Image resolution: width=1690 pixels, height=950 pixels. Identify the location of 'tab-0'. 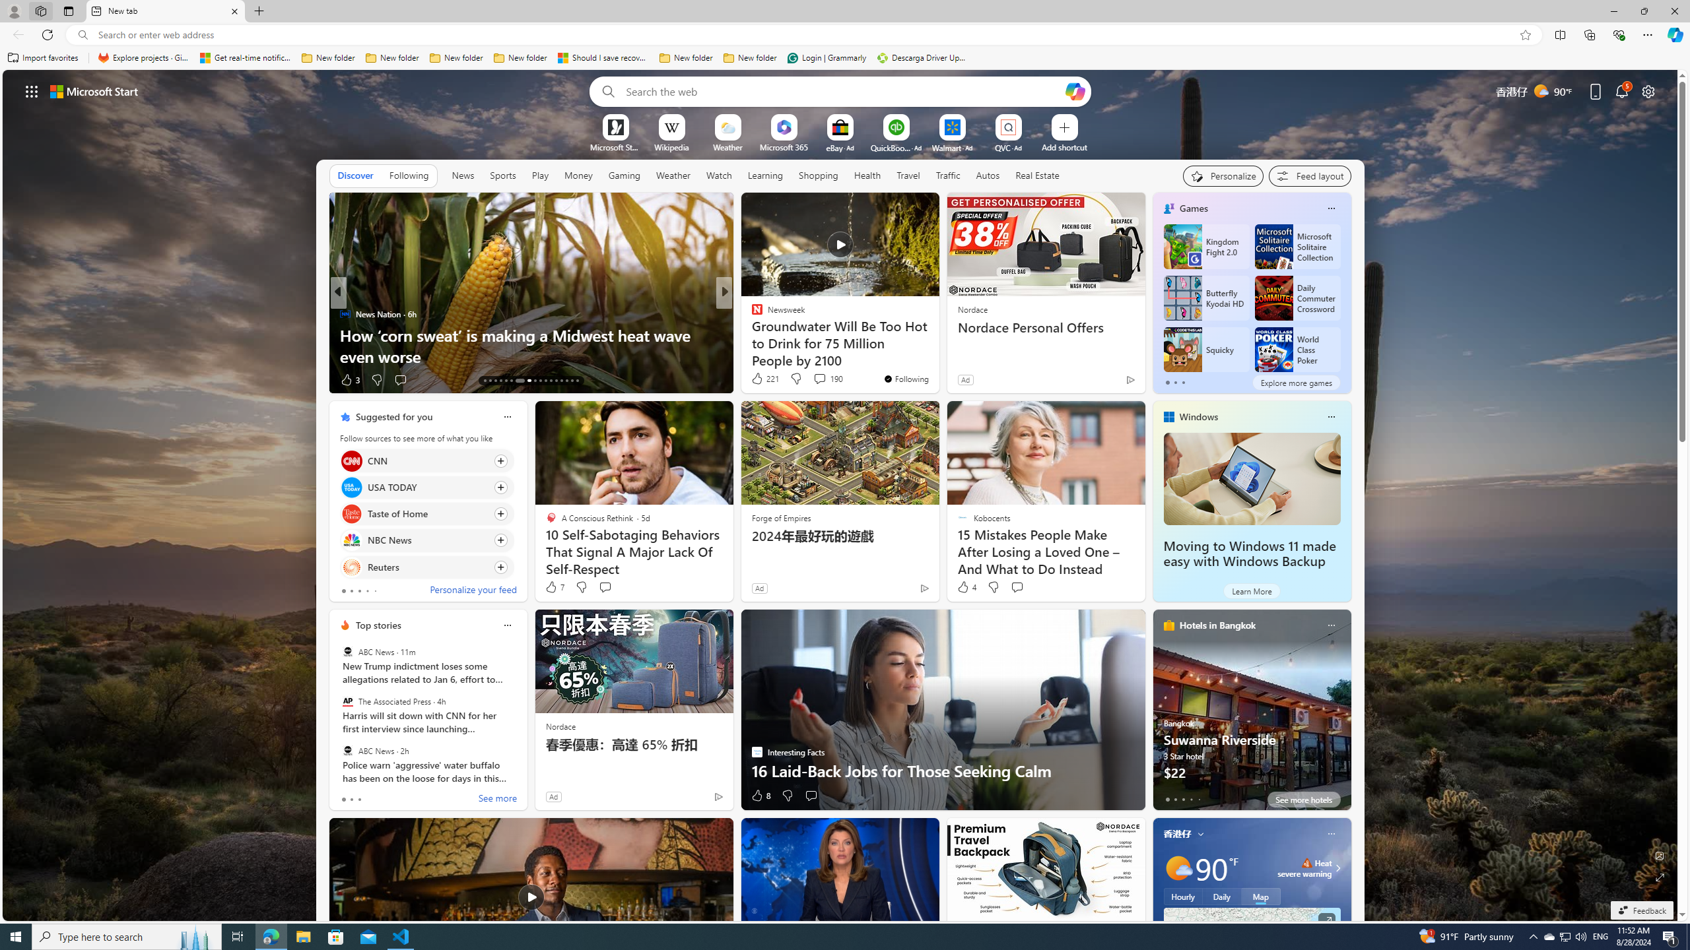
(1166, 799).